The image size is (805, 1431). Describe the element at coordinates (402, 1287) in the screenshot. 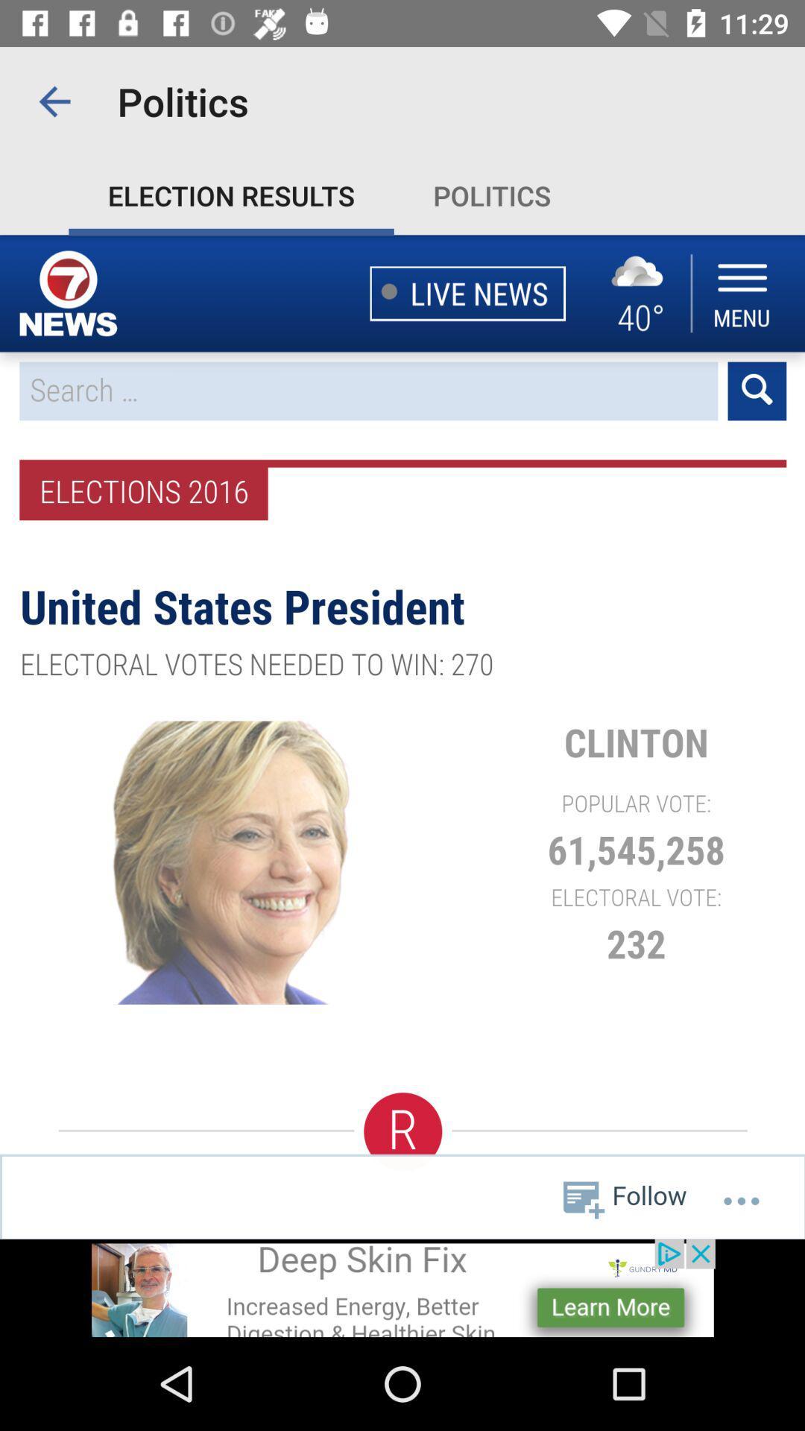

I see `advertisement` at that location.